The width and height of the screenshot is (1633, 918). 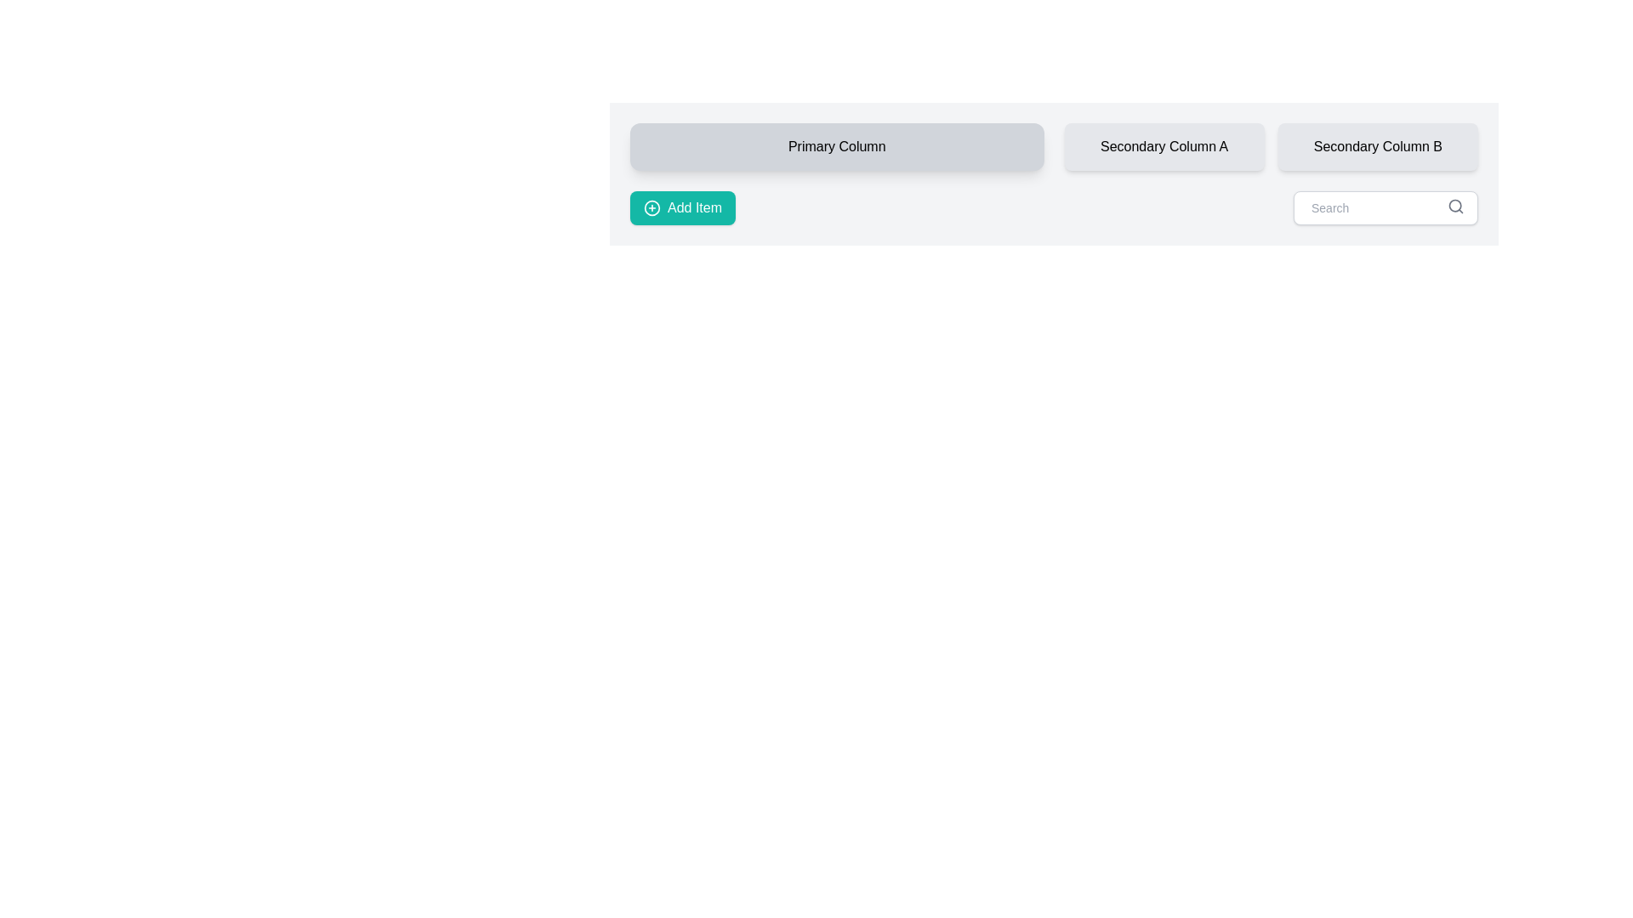 What do you see at coordinates (1455, 206) in the screenshot?
I see `the magnifying glass icon button located at the top-right corner of the search input field` at bounding box center [1455, 206].